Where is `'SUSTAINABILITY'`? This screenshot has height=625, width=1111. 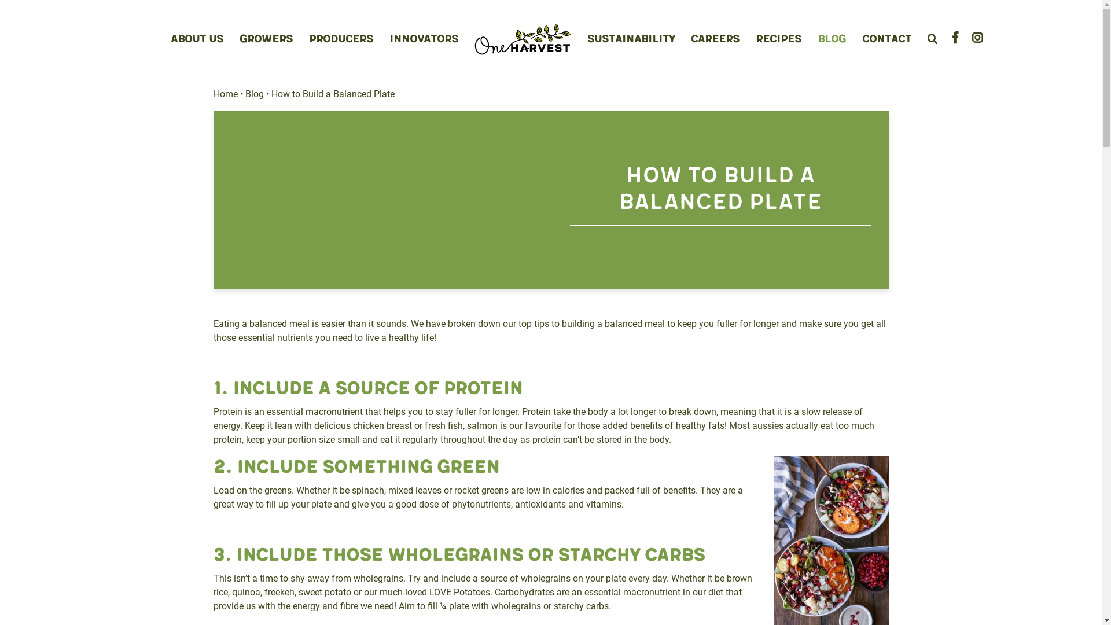
'SUSTAINABILITY' is located at coordinates (630, 38).